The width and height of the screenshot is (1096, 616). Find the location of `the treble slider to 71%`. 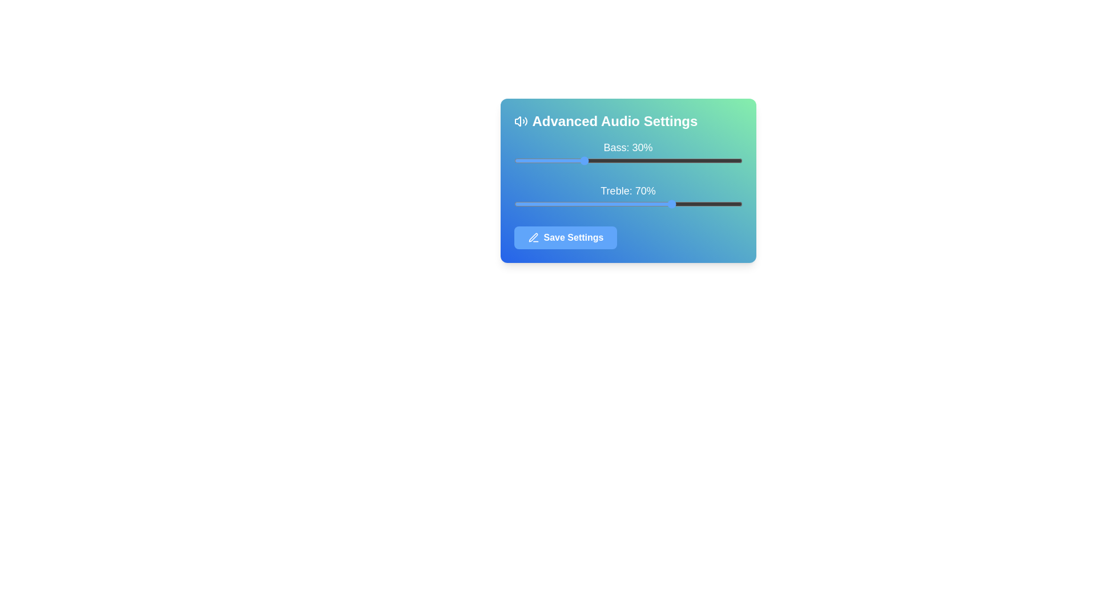

the treble slider to 71% is located at coordinates (676, 204).